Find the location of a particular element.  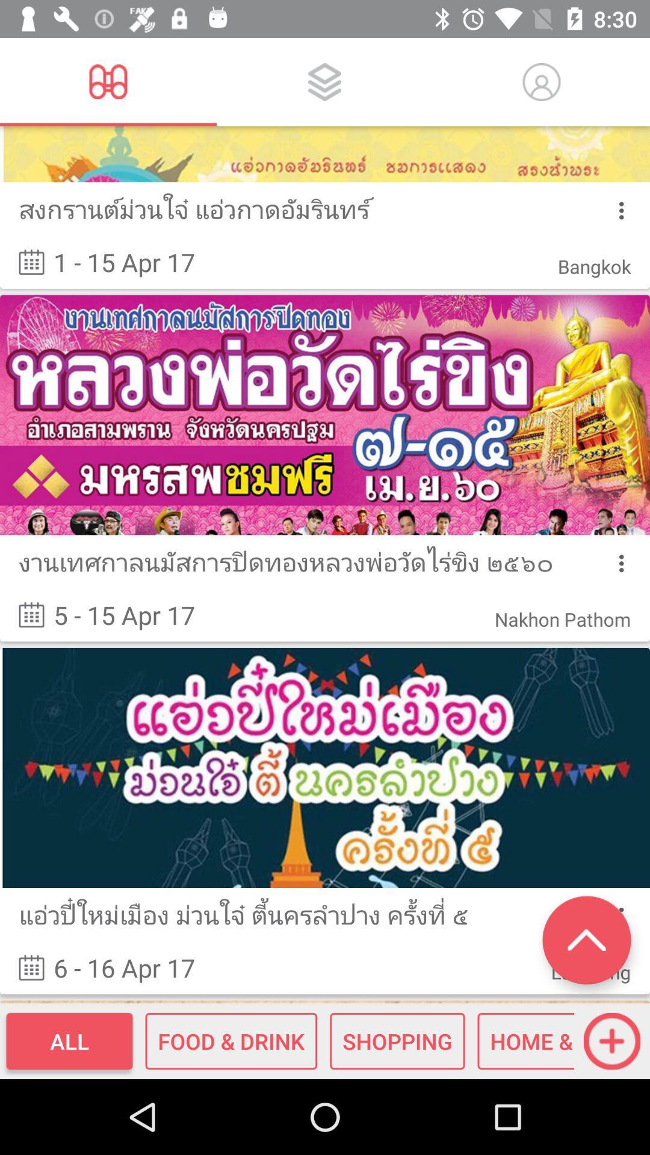

the expand_less icon is located at coordinates (586, 940).